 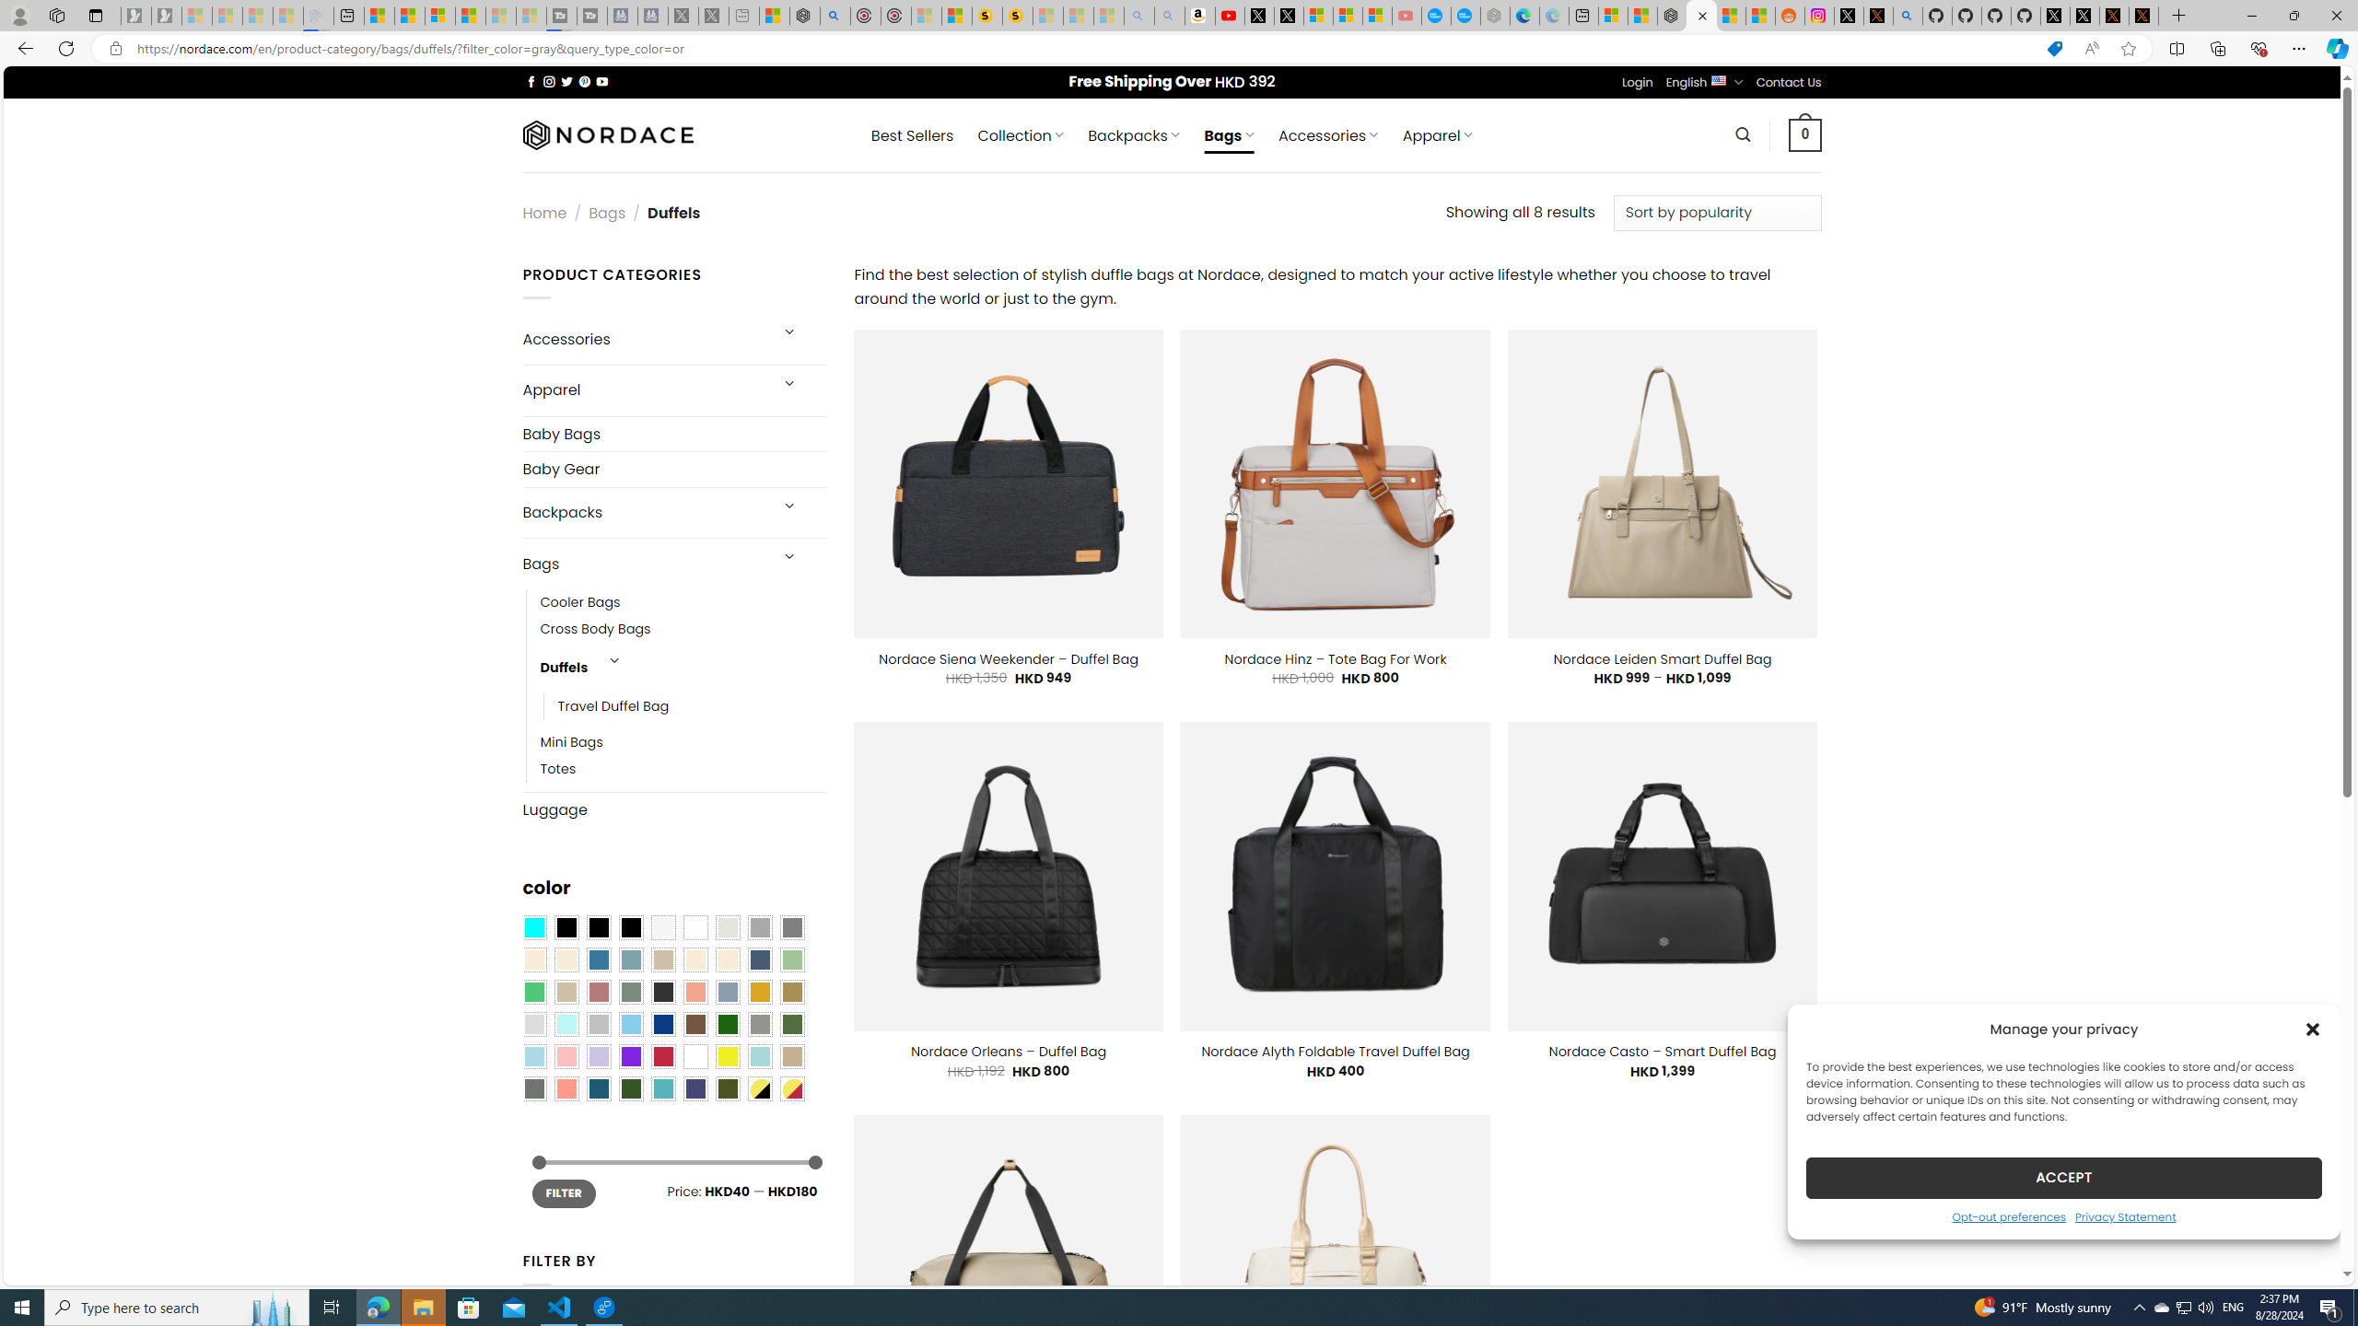 What do you see at coordinates (835, 15) in the screenshot?
I see `'poe - Search'` at bounding box center [835, 15].